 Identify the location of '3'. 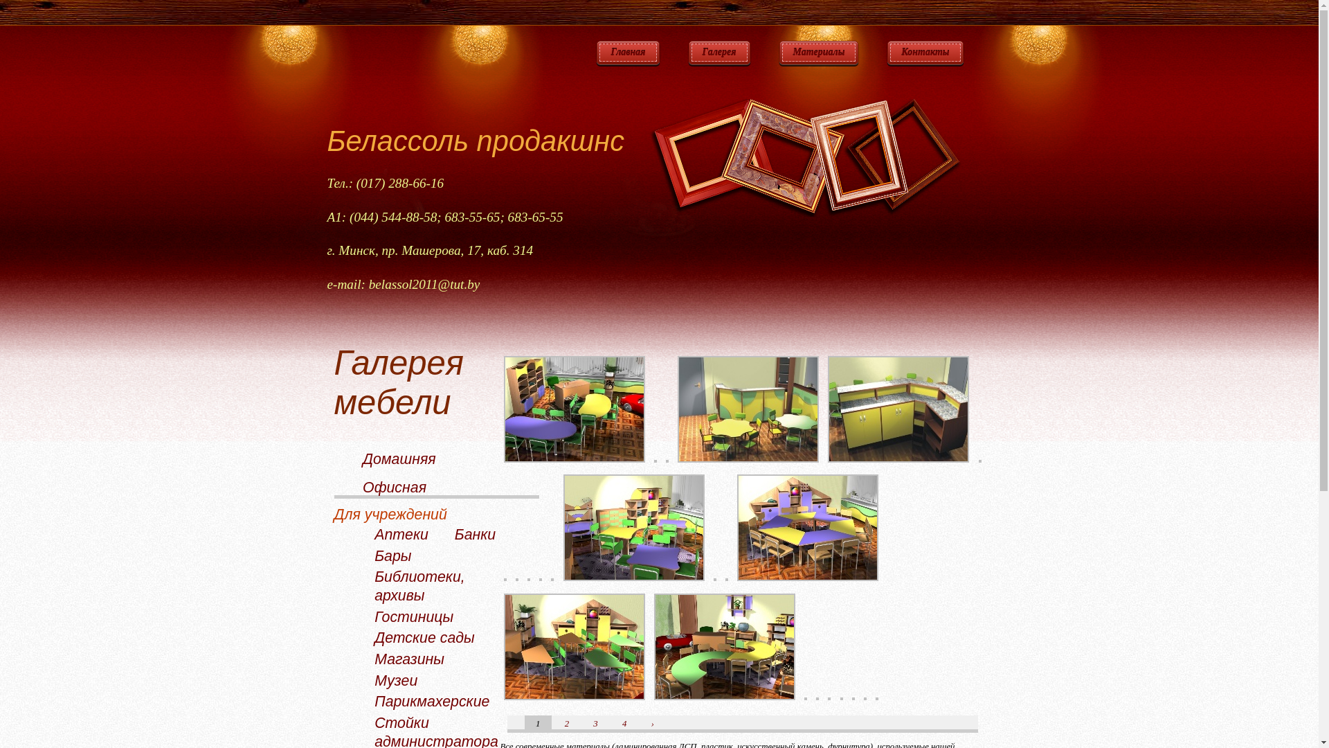
(595, 723).